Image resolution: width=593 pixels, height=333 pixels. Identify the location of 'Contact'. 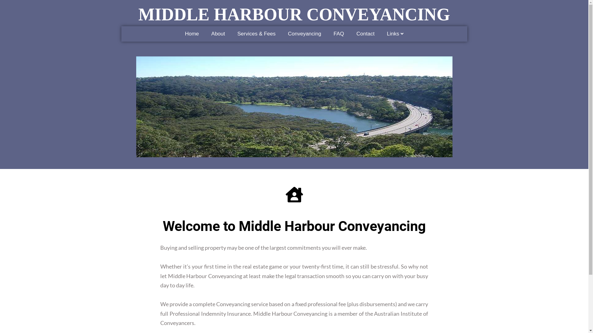
(365, 34).